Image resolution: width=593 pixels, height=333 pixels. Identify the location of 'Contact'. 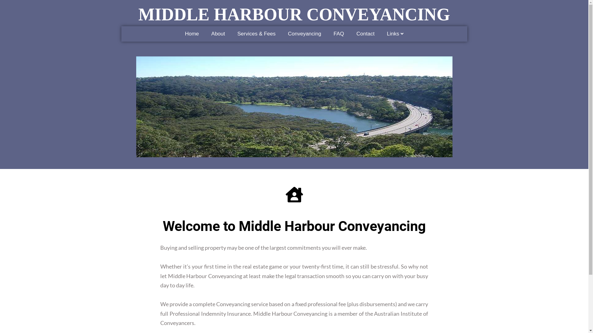
(365, 34).